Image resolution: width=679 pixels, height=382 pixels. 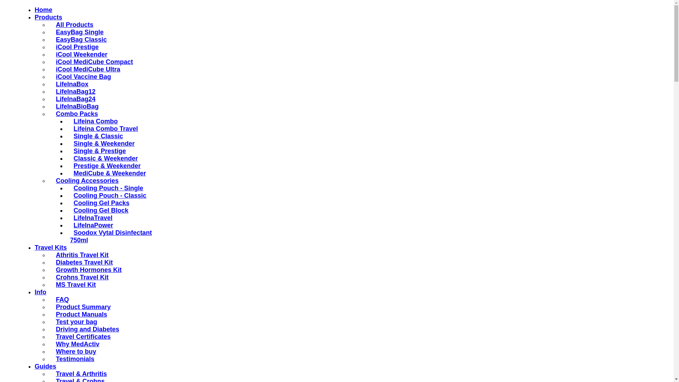 I want to click on 'Travel Kits', so click(x=50, y=247).